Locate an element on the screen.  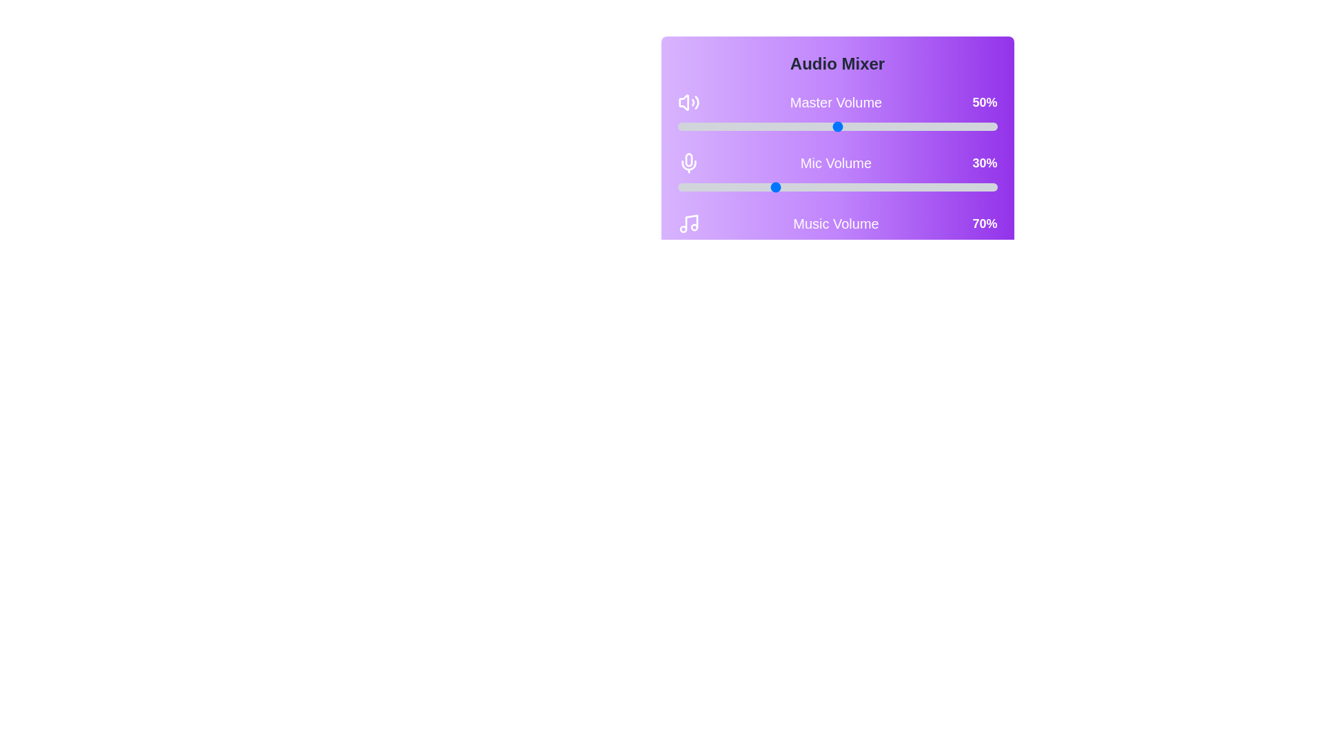
the Master Volume slider is located at coordinates (757, 127).